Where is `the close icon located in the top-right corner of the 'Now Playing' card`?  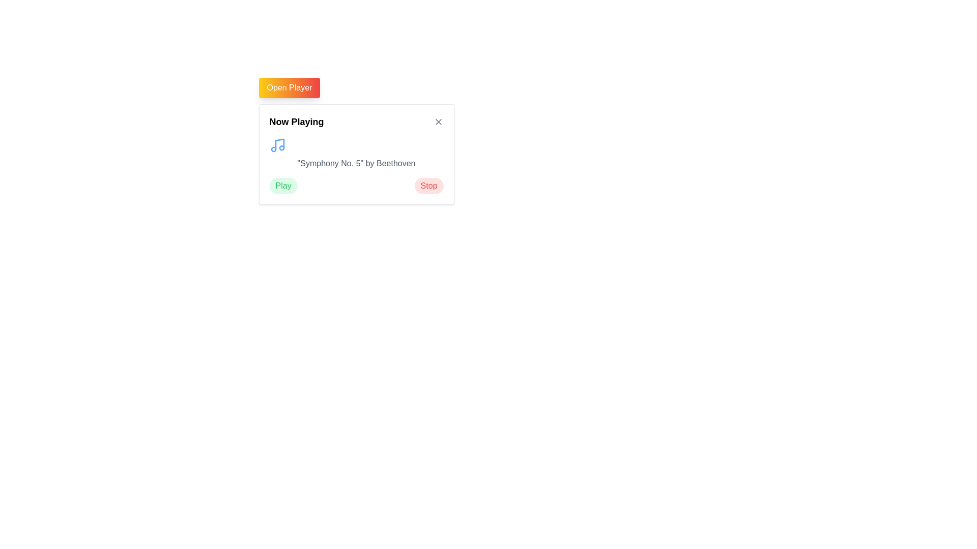 the close icon located in the top-right corner of the 'Now Playing' card is located at coordinates (438, 121).